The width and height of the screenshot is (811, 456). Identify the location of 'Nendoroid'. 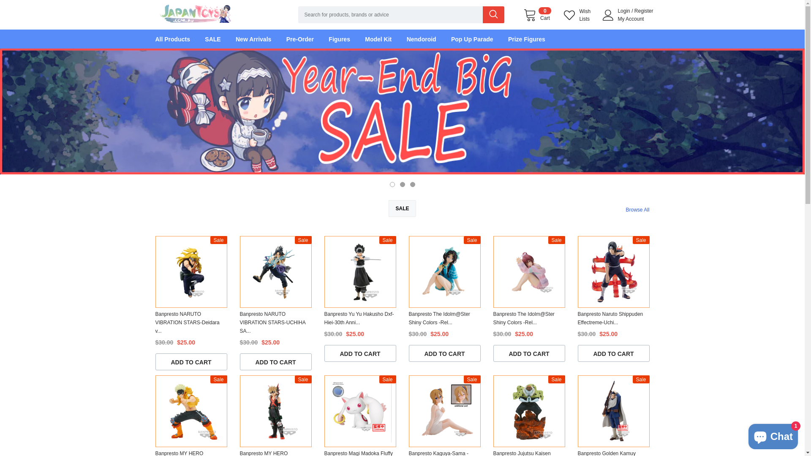
(407, 39).